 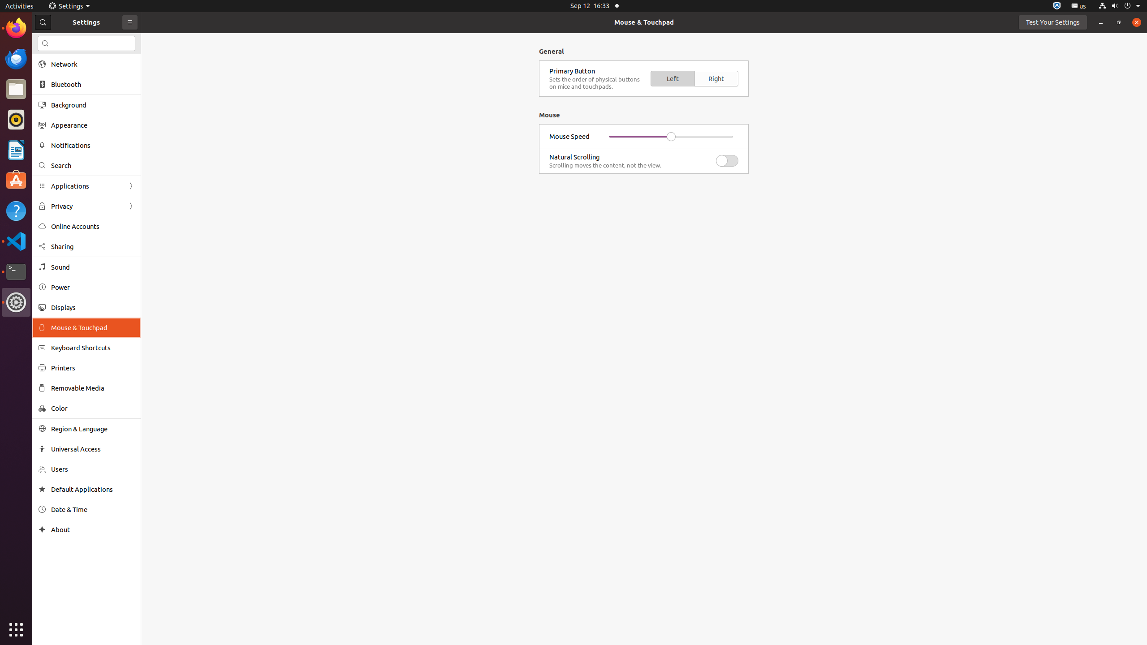 I want to click on 'Users', so click(x=93, y=469).